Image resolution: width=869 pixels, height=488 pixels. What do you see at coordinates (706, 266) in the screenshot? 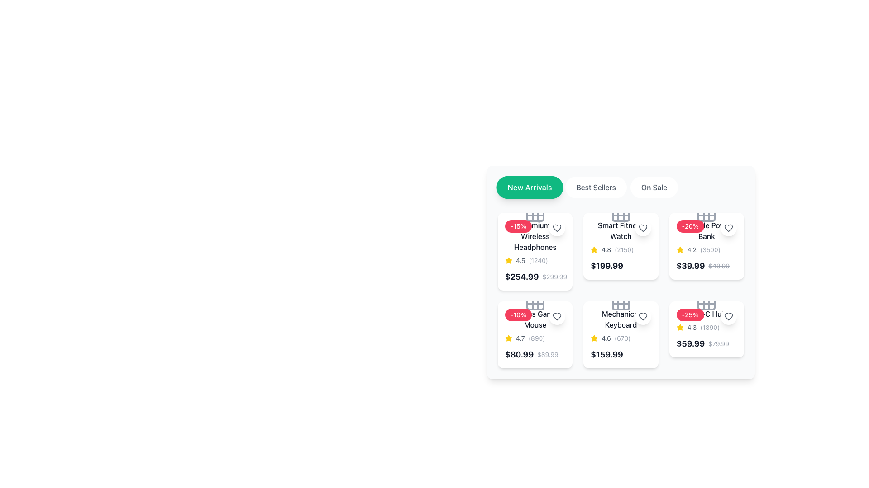
I see `the Price display element that shows the current and original price with discount indication for the product 'Portable Power Bank', located in the fourth product card of the second row` at bounding box center [706, 266].